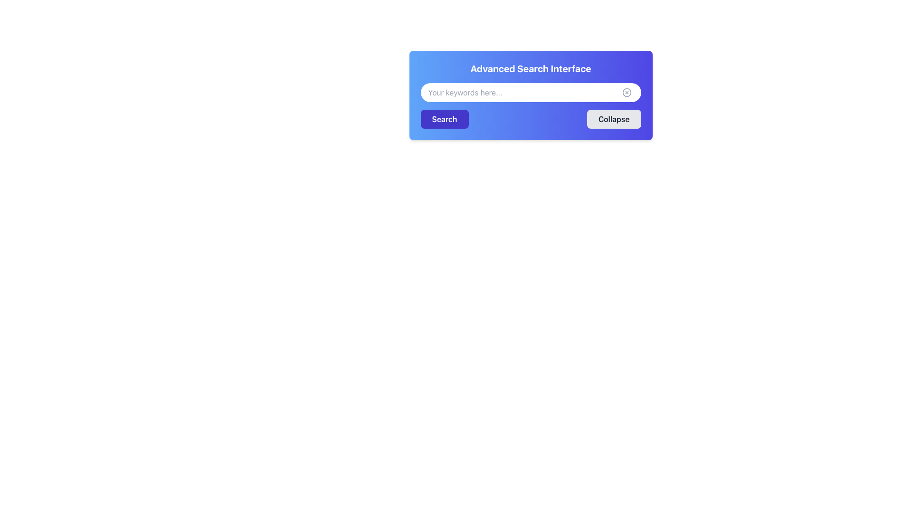  Describe the element at coordinates (614, 118) in the screenshot. I see `the 'Collapse' button, which is a rectangular button with rounded corners, light gray background, and black text, located in the upper-middle portion of the interface` at that location.